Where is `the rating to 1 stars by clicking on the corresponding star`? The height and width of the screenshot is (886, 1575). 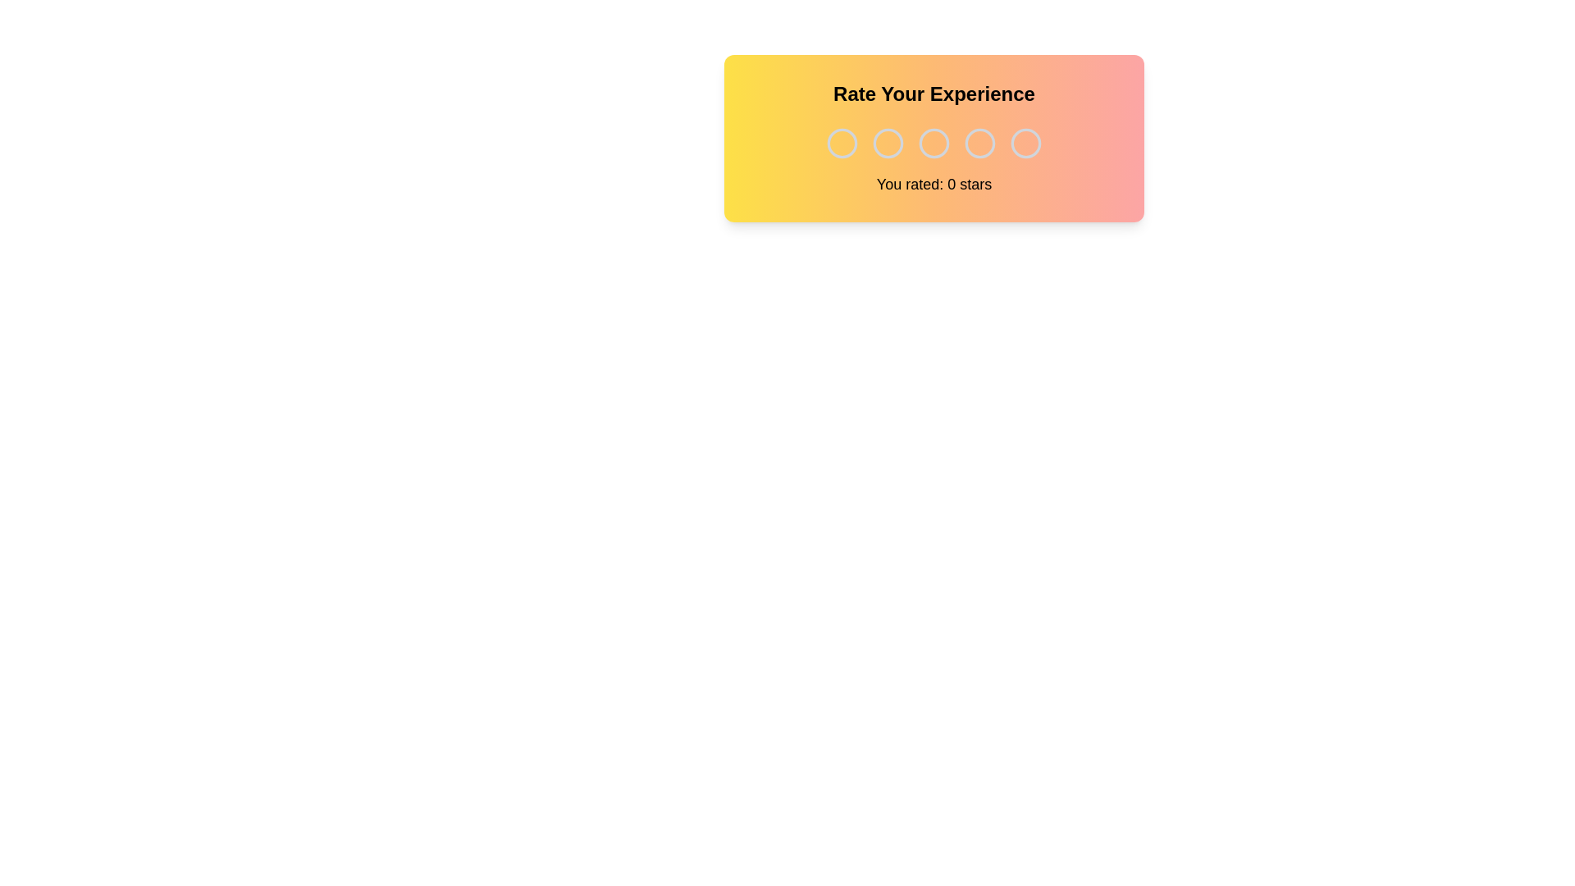 the rating to 1 stars by clicking on the corresponding star is located at coordinates (842, 142).